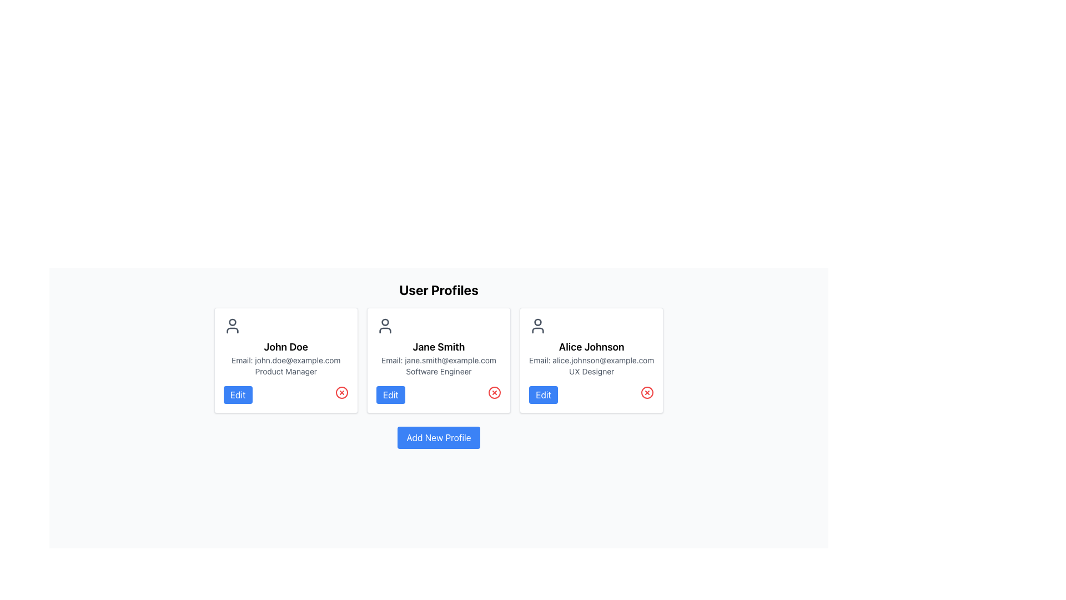 This screenshot has height=600, width=1066. What do you see at coordinates (591, 360) in the screenshot?
I see `email address displayed as the second text line in the third profile card from the left, located directly below 'Alice Johnson' and above 'UX Designer'` at bounding box center [591, 360].